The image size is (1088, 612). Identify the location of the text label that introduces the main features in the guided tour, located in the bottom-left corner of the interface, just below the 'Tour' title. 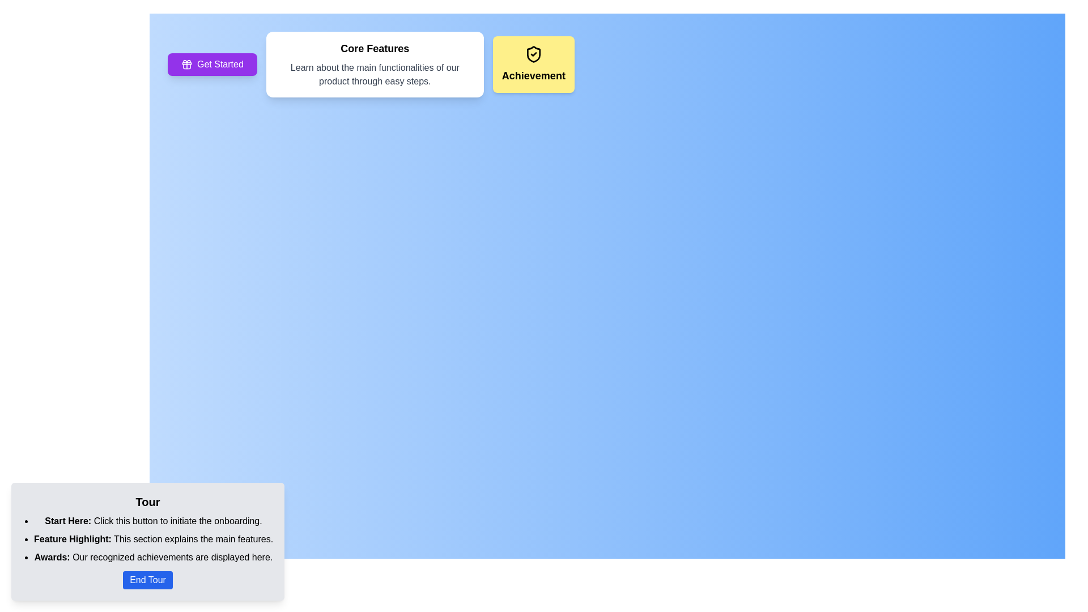
(72, 538).